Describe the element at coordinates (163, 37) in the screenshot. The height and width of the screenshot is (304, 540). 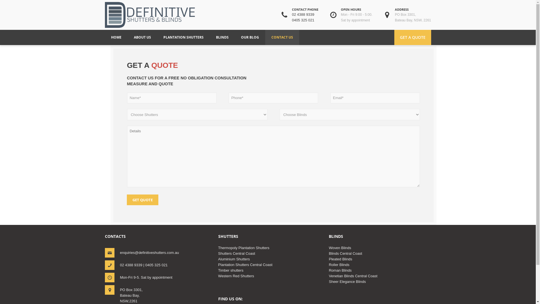
I see `'PLANTATION SHUTTERS'` at that location.